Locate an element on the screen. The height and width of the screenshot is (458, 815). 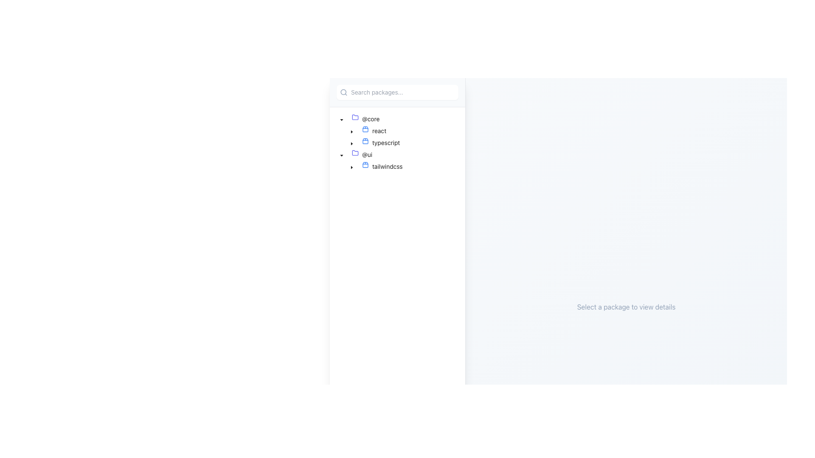
the downward-facing caret icon next to the label '@ui' is located at coordinates (342, 120).